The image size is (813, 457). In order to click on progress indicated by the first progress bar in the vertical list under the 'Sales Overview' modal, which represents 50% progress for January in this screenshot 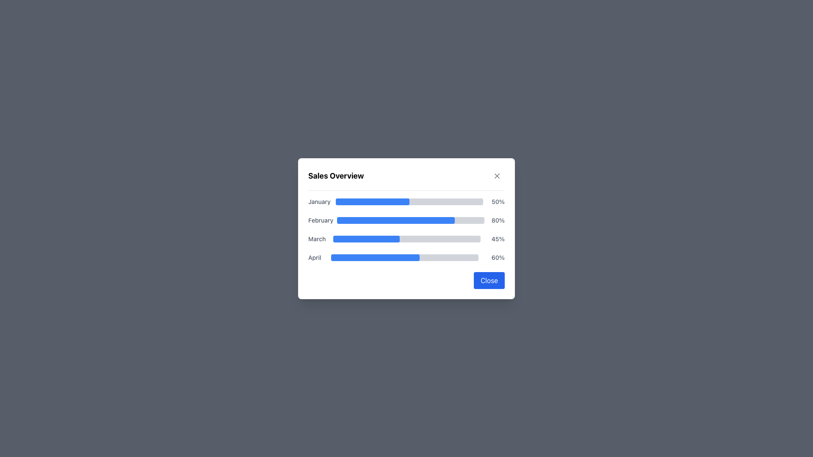, I will do `click(406, 201)`.